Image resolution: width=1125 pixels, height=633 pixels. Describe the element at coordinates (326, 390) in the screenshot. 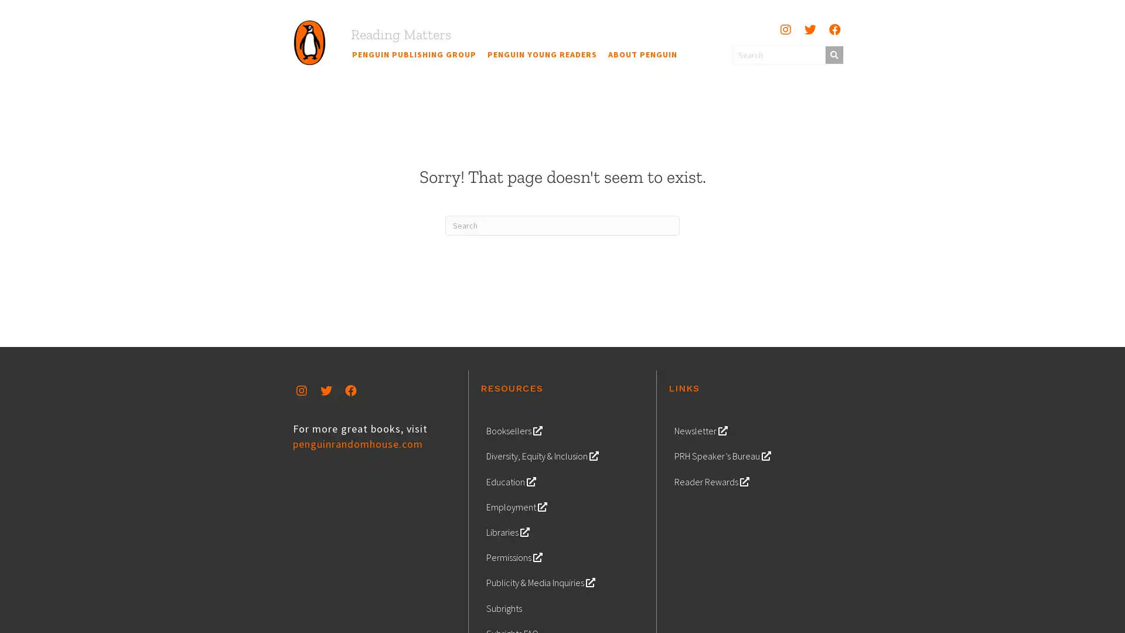

I see `Twitter` at that location.